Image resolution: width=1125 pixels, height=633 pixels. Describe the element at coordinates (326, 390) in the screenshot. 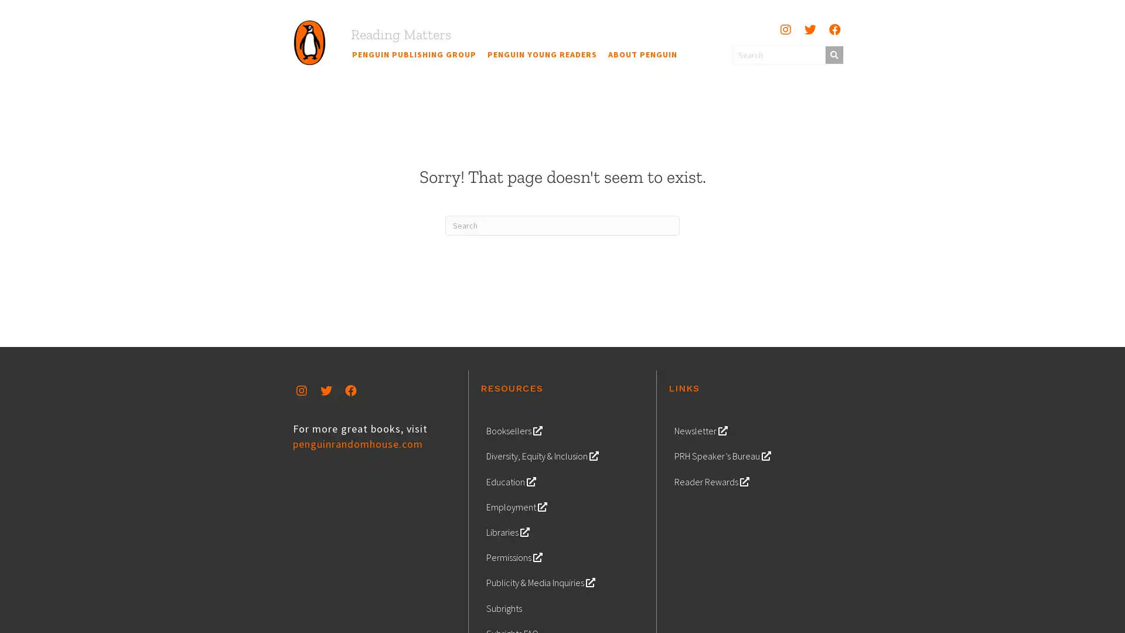

I see `Twitter` at that location.